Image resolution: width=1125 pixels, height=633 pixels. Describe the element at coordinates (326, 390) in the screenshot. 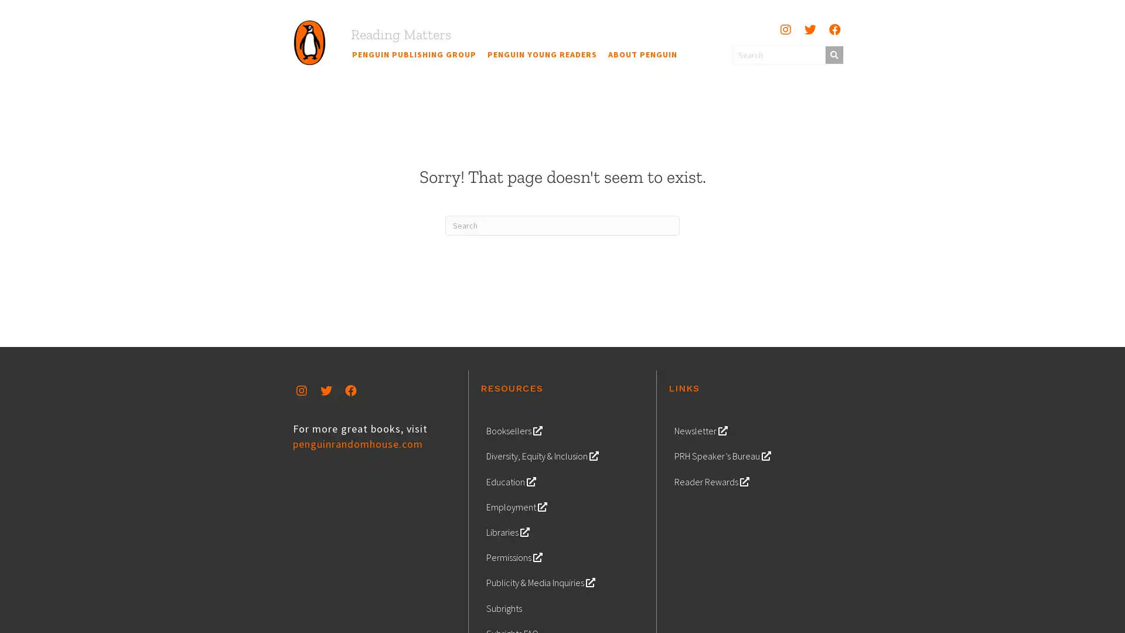

I see `Twitter` at that location.